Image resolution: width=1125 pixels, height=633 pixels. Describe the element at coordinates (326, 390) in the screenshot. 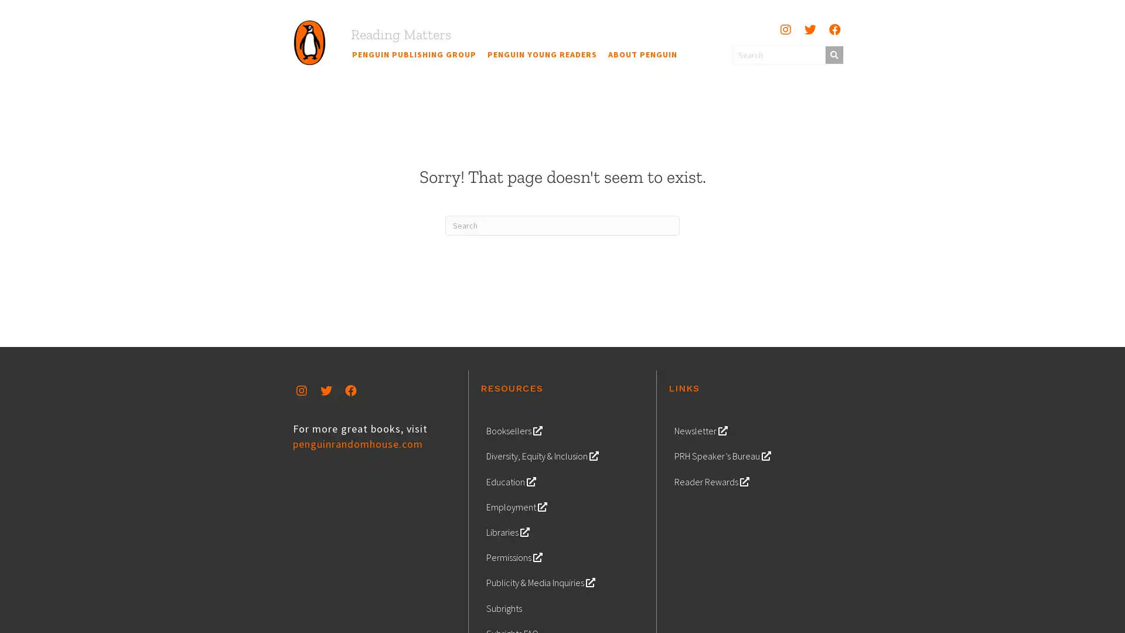

I see `Twitter` at that location.